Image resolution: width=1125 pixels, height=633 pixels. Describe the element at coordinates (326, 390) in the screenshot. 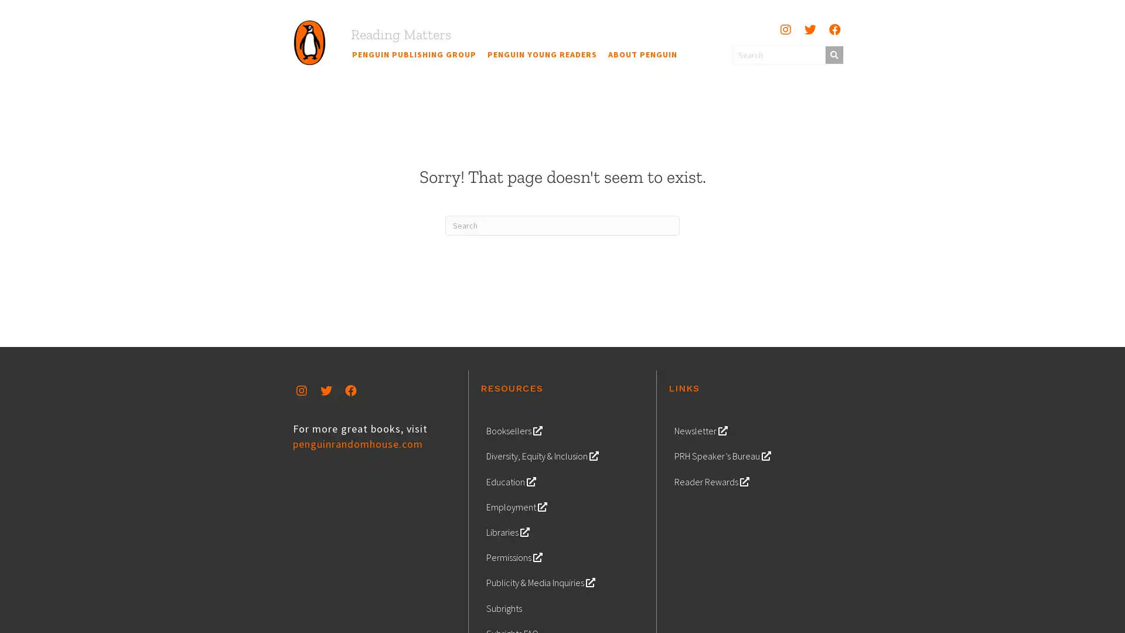

I see `Twitter` at that location.